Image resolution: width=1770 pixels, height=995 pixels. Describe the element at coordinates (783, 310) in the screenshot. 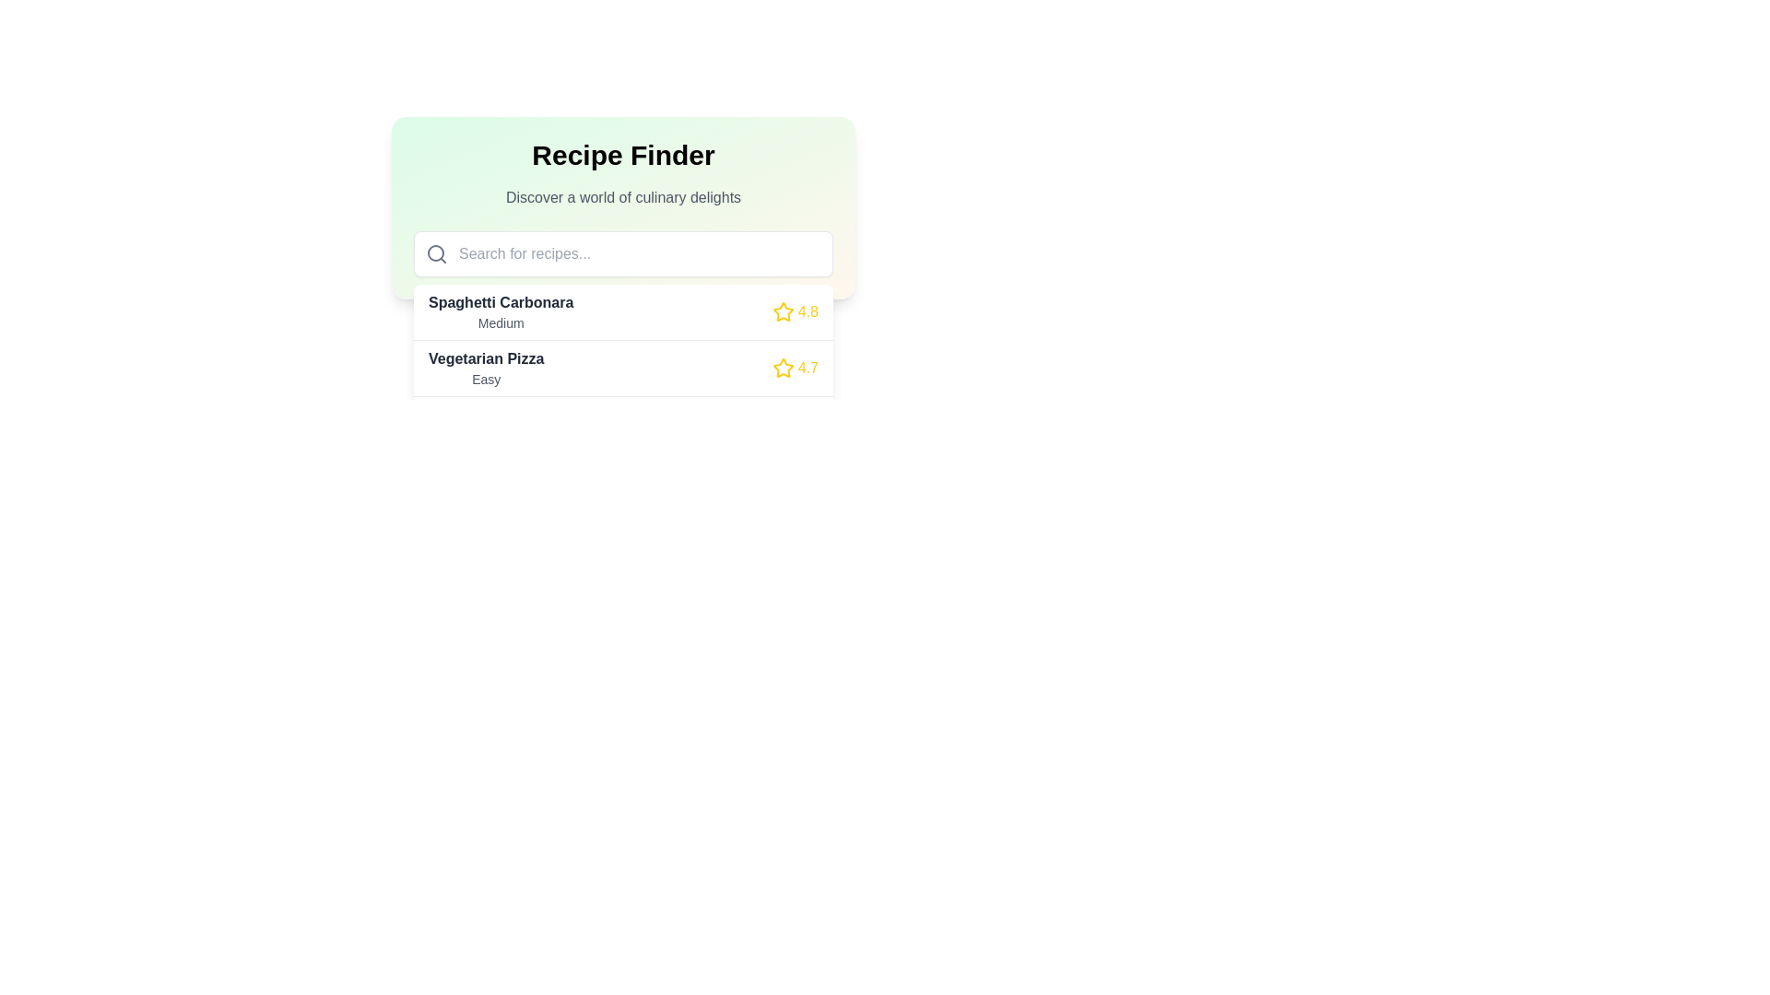

I see `the star icon associated with the 'Spaghetti Carbonara' menu item` at that location.